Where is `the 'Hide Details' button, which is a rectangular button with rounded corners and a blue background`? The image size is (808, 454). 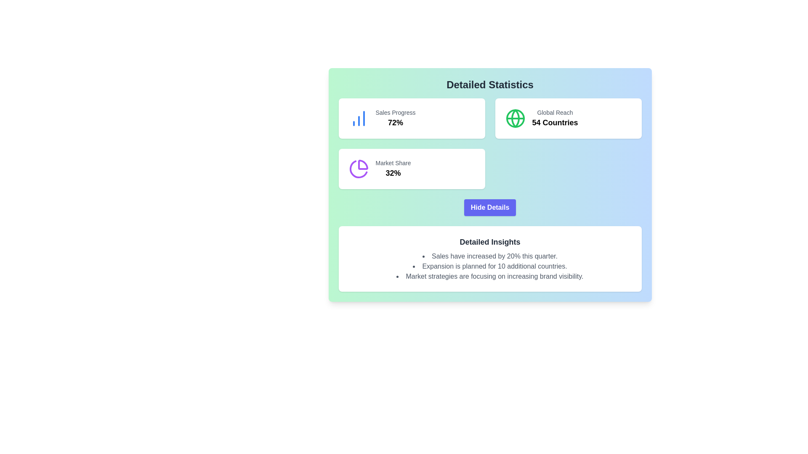
the 'Hide Details' button, which is a rectangular button with rounded corners and a blue background is located at coordinates (490, 207).